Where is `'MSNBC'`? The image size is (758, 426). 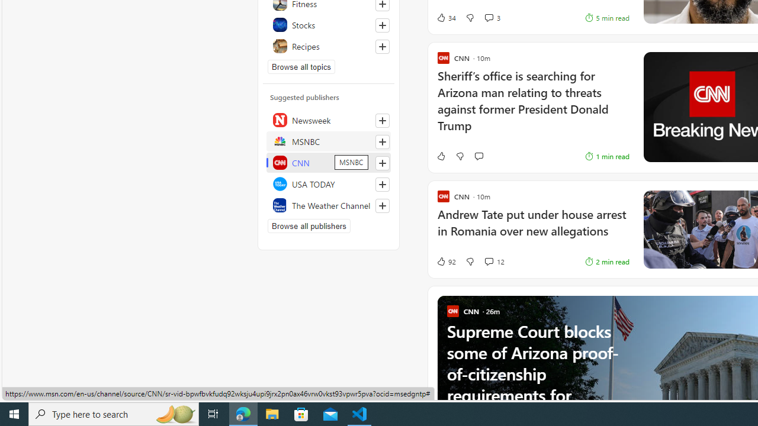 'MSNBC' is located at coordinates (329, 141).